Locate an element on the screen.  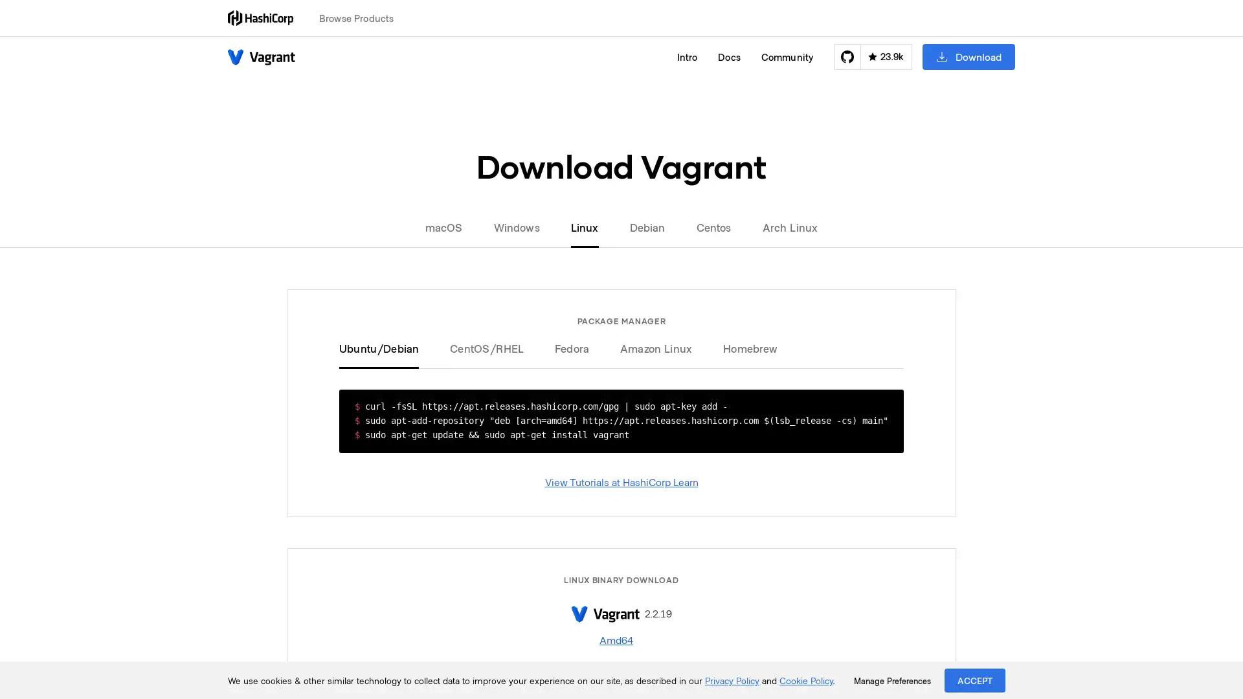
Amazon Linux is located at coordinates (656, 347).